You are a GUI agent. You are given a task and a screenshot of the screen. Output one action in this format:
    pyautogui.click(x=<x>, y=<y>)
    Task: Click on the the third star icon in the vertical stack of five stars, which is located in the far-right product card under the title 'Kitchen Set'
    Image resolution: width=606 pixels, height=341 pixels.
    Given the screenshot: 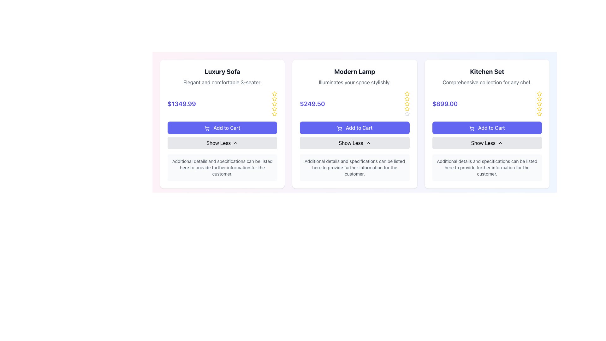 What is the action you would take?
    pyautogui.click(x=539, y=99)
    